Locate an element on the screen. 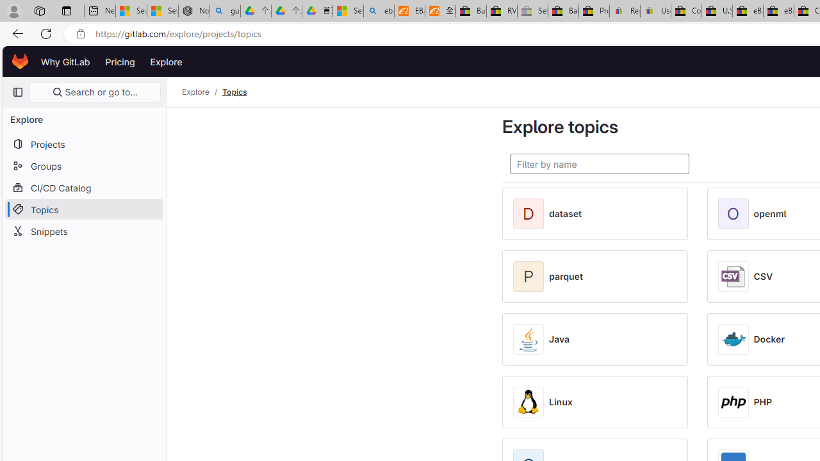 This screenshot has height=461, width=820. 'Snippets' is located at coordinates (83, 231).